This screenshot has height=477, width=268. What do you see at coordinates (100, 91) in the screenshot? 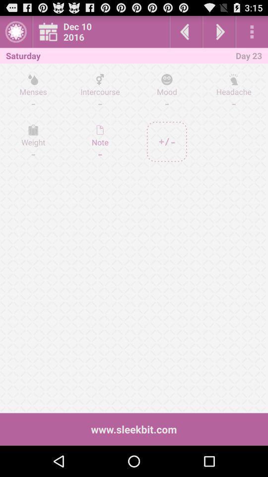
I see `intercourse which is next to menses` at bounding box center [100, 91].